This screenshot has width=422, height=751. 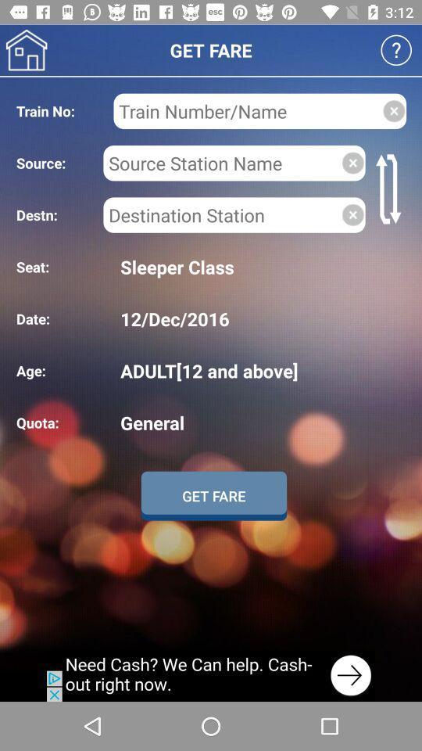 What do you see at coordinates (221, 214) in the screenshot?
I see `destination` at bounding box center [221, 214].